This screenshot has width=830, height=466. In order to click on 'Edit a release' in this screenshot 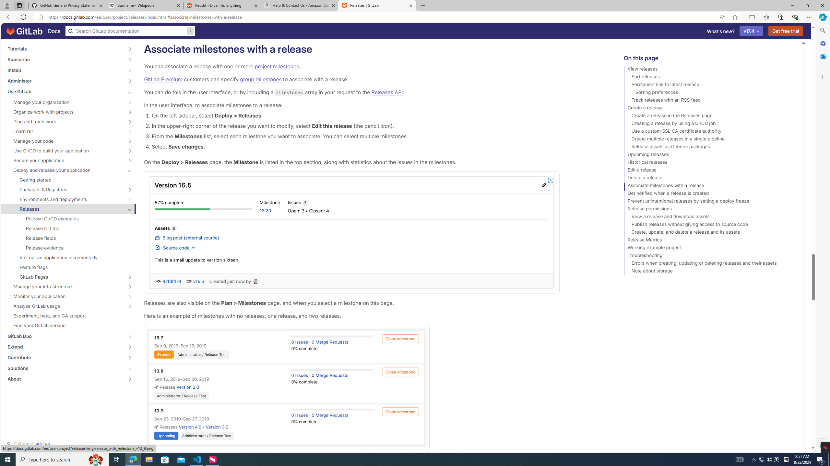, I will do `click(709, 171)`.